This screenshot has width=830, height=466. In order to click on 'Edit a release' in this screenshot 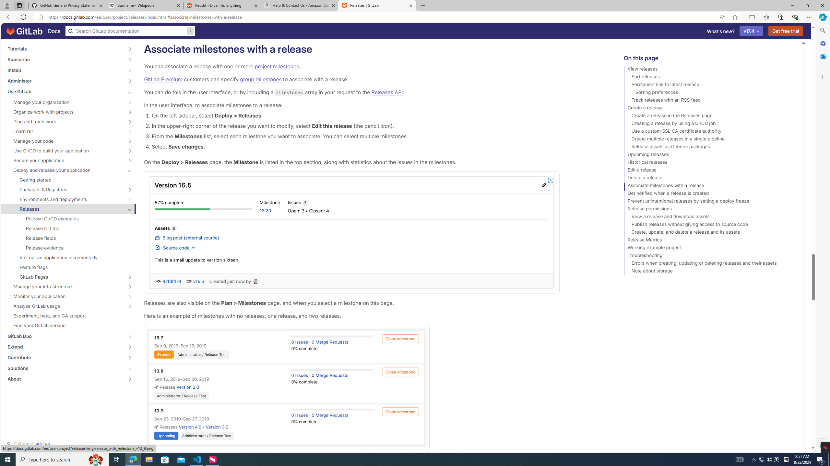, I will do `click(709, 171)`.